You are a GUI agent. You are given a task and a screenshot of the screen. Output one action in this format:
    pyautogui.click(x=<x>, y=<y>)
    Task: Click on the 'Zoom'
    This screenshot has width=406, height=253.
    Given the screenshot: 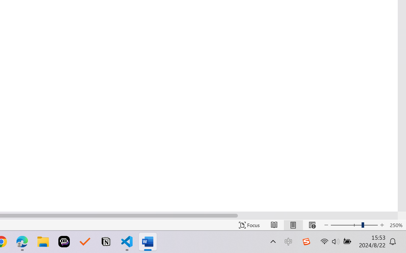 What is the action you would take?
    pyautogui.click(x=354, y=225)
    